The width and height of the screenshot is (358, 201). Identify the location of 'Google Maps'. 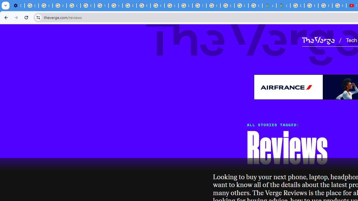
(283, 6).